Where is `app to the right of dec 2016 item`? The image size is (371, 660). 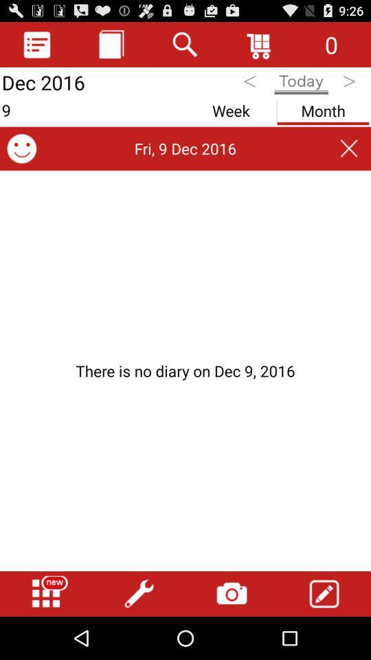 app to the right of dec 2016 item is located at coordinates (111, 44).